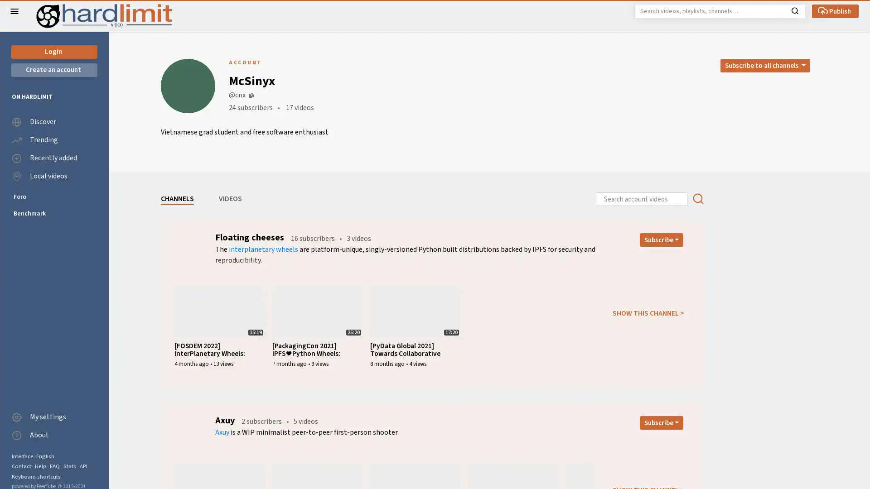  I want to click on Interface: English, so click(33, 456).